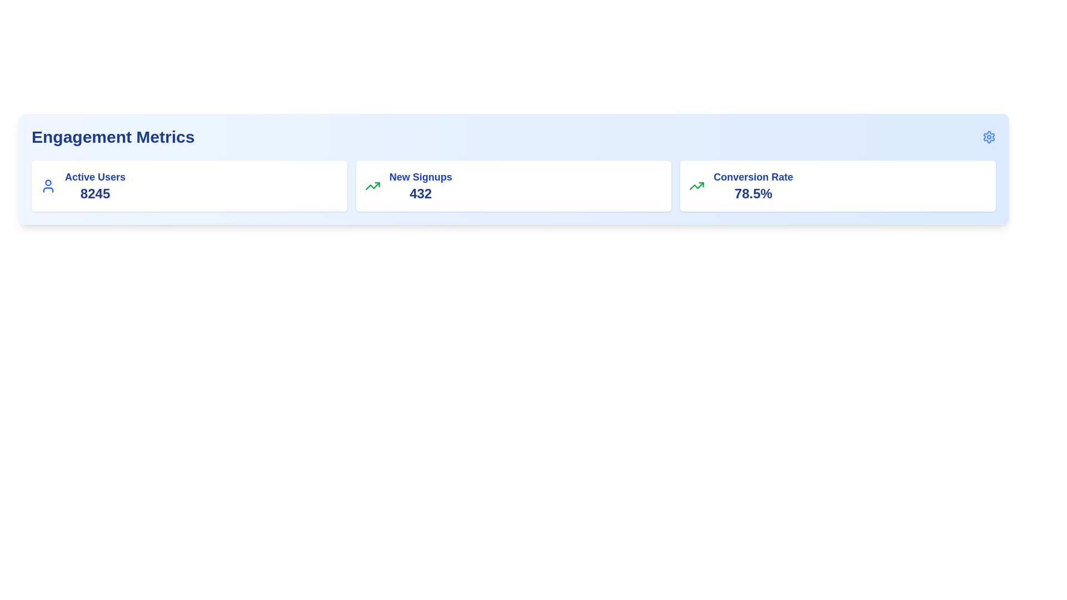 The image size is (1067, 600). What do you see at coordinates (753, 193) in the screenshot?
I see `displayed value of the text element showing '78.5%' in blue color, located under the 'Conversion Rate' label in the metric card` at bounding box center [753, 193].